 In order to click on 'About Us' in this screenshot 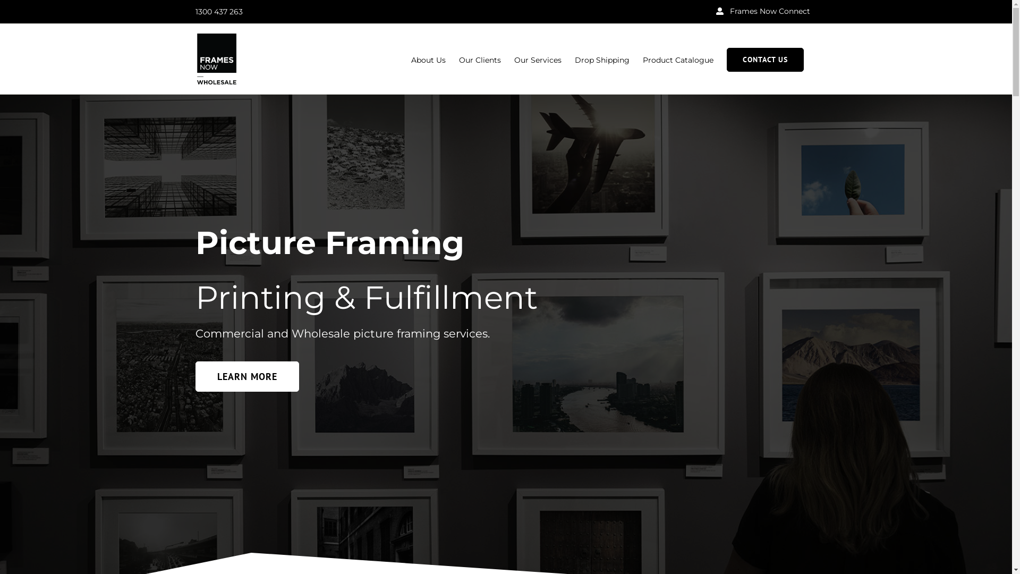, I will do `click(410, 59)`.